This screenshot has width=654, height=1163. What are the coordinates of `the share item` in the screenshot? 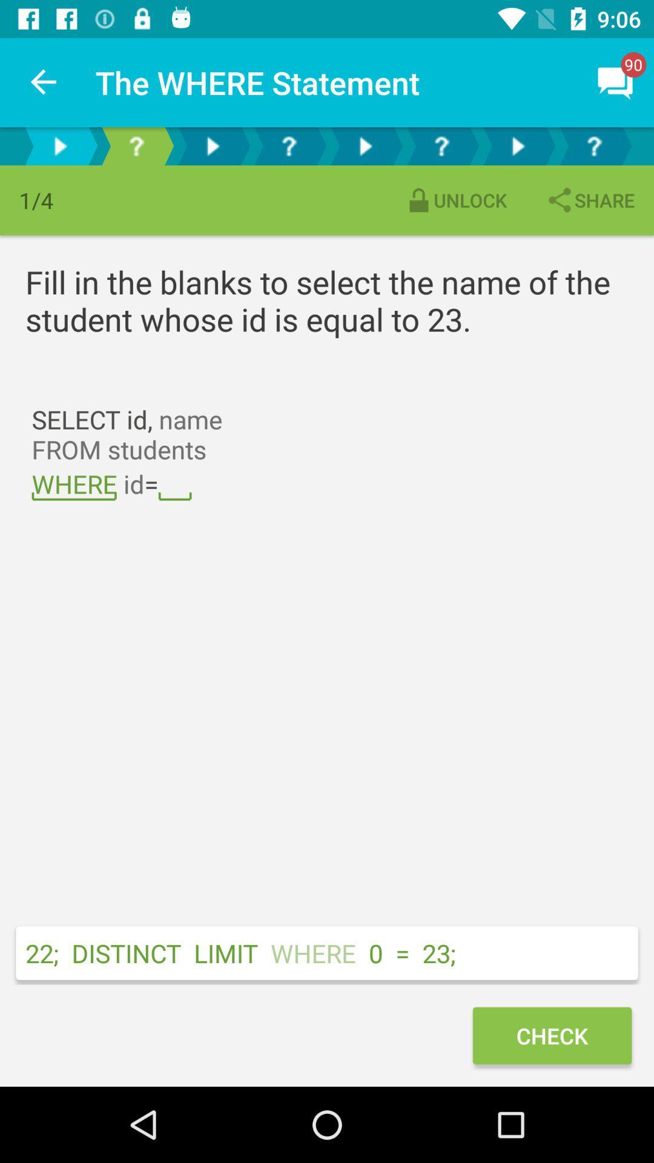 It's located at (589, 200).